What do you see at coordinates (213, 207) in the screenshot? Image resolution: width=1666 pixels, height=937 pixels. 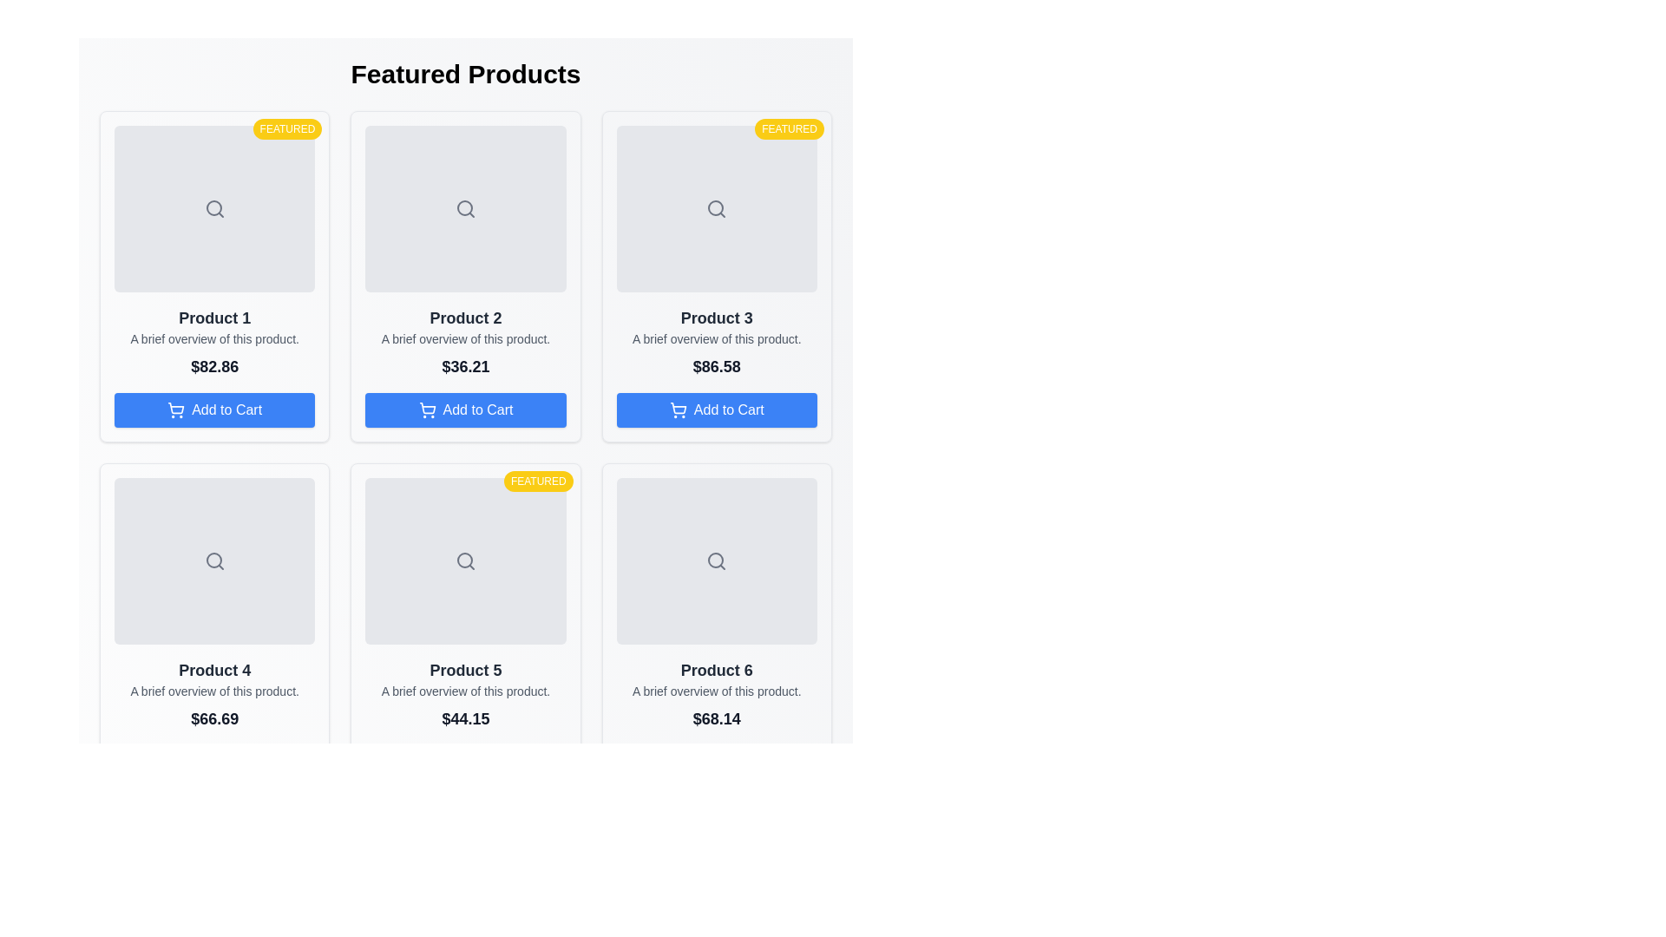 I see `the magnifying glass icon located in the upper-left card of the grid layout labeled 'Product 1', which is centered within the gray background placeholder for the product image` at bounding box center [213, 207].